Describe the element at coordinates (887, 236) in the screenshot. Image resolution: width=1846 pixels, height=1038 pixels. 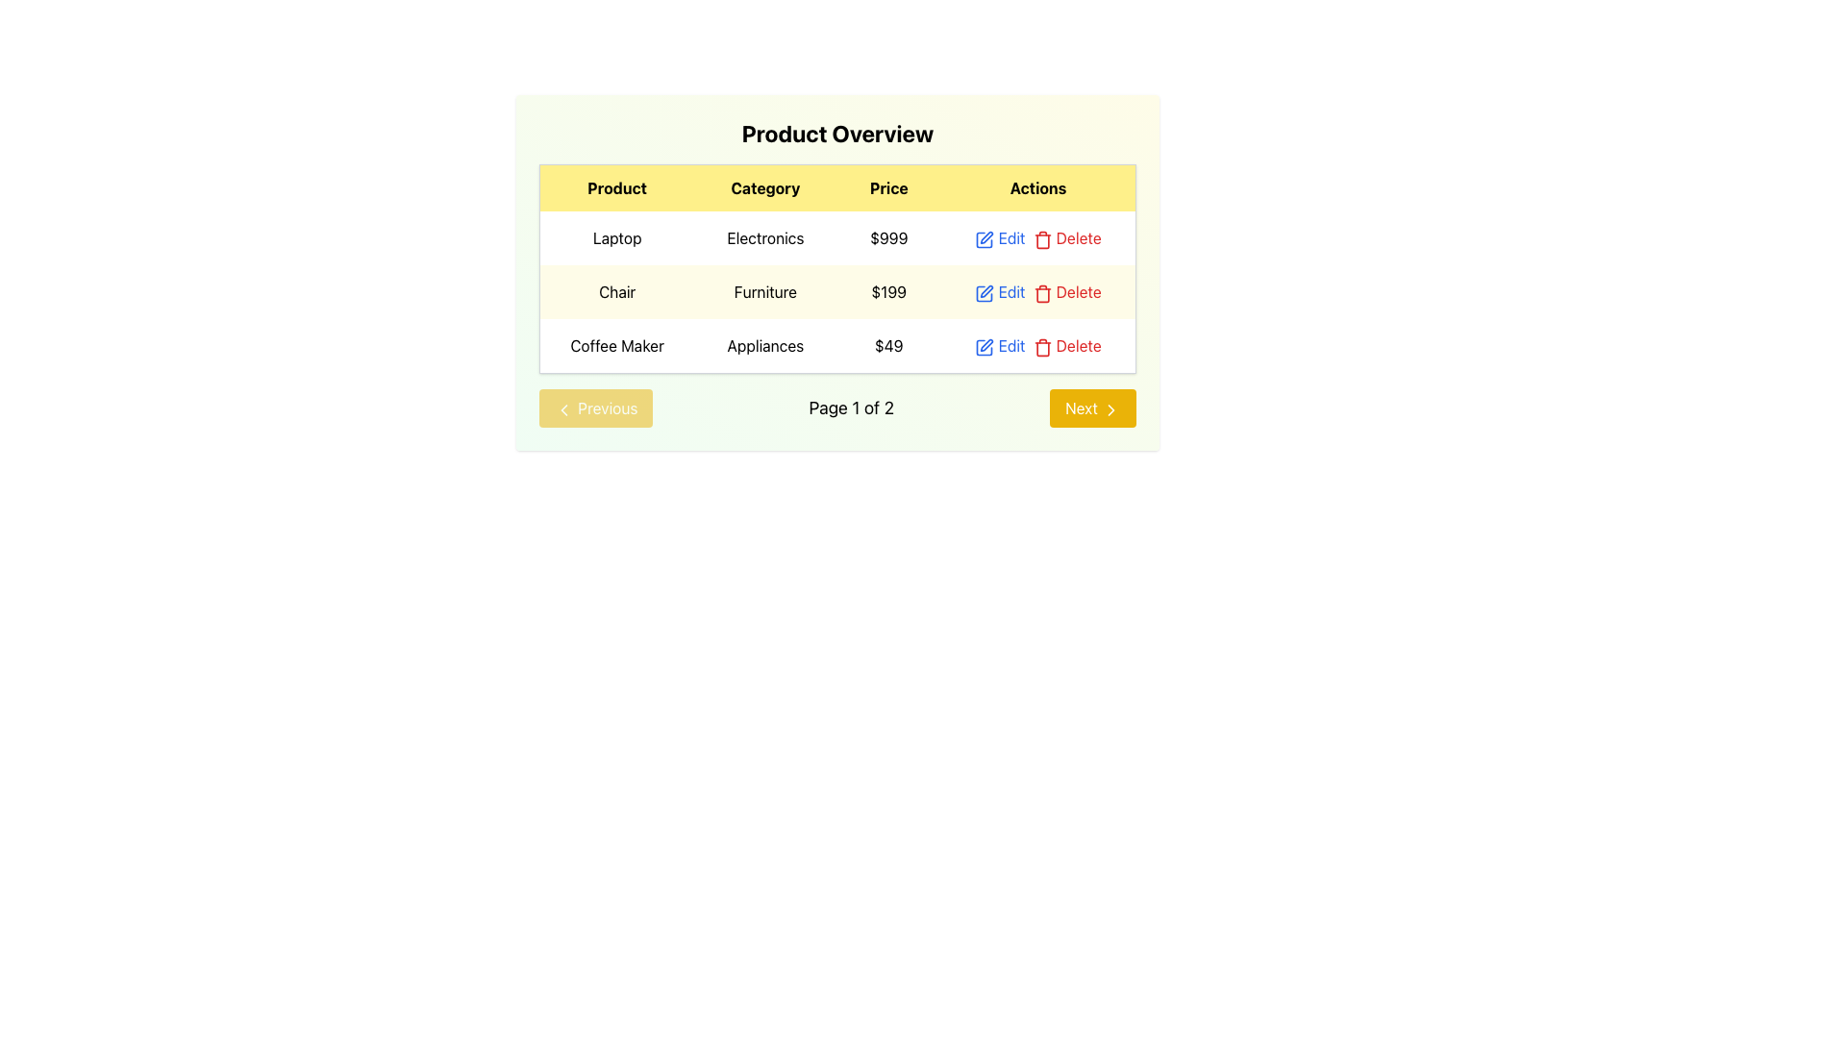
I see `the text label displaying '$999' in the table under the 'Price' column, representing the price of the 'Laptop' product in the 'Product Overview'` at that location.